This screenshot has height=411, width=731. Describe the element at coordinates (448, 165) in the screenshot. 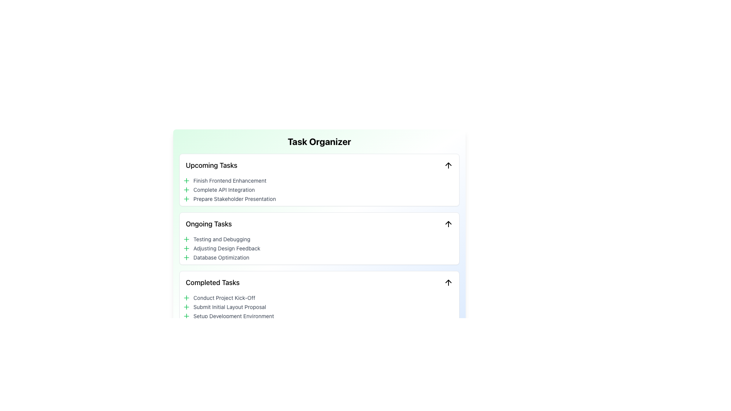

I see `the upward-pointing arrow icon located at the top-right corner of the 'Upcoming Tasks' section header` at that location.